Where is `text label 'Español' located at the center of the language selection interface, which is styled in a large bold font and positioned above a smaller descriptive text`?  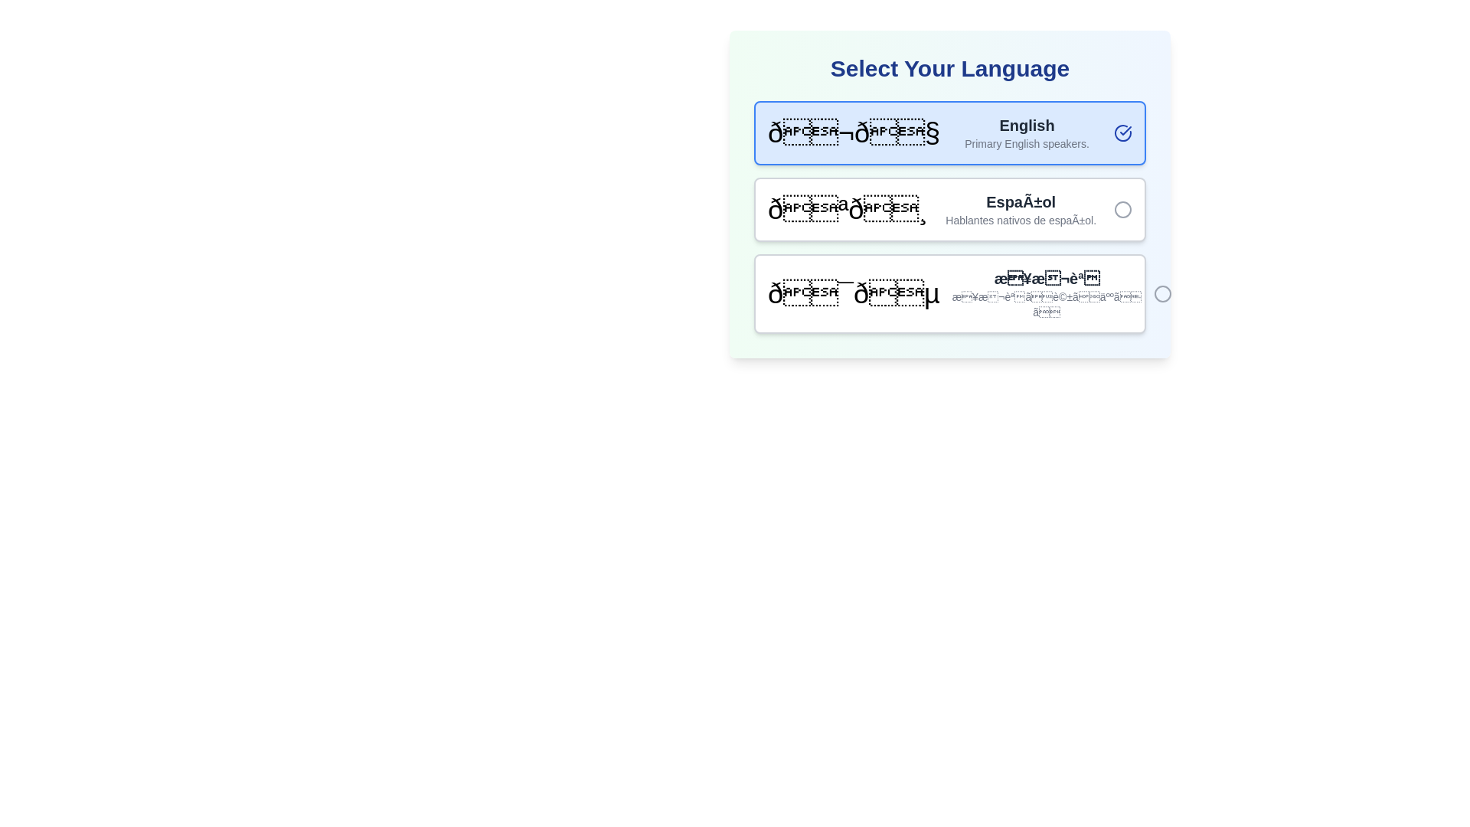 text label 'Español' located at the center of the language selection interface, which is styled in a large bold font and positioned above a smaller descriptive text is located at coordinates (1021, 201).